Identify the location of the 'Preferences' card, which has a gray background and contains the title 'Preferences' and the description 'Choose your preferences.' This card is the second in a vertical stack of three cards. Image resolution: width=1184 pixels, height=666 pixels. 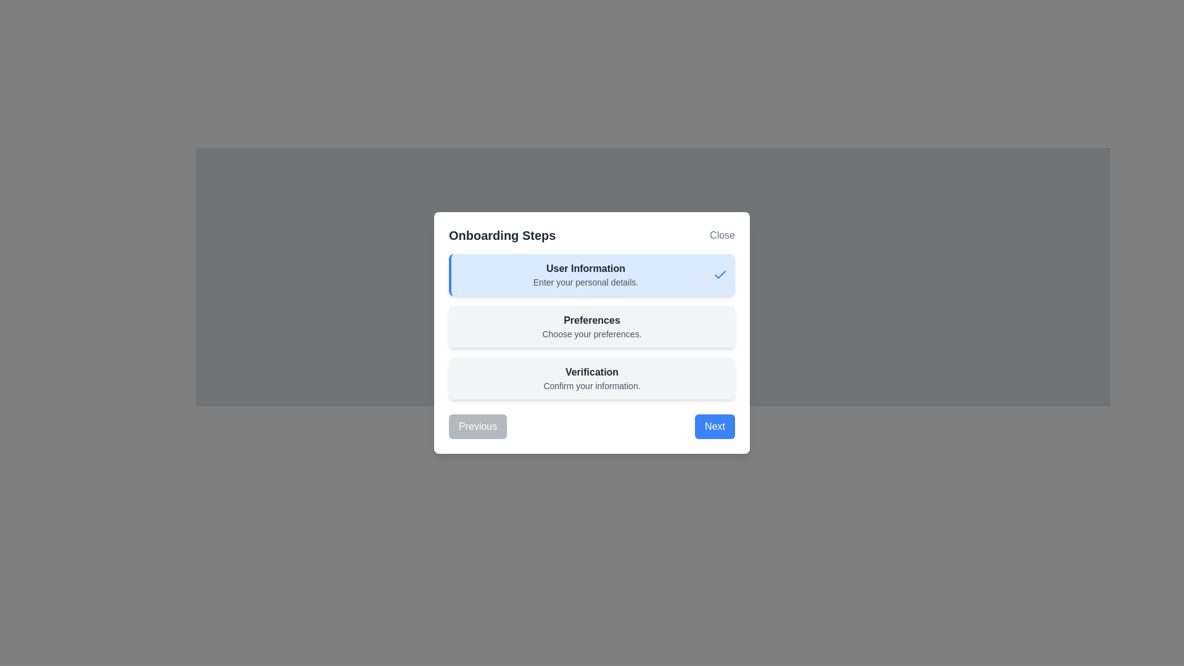
(592, 326).